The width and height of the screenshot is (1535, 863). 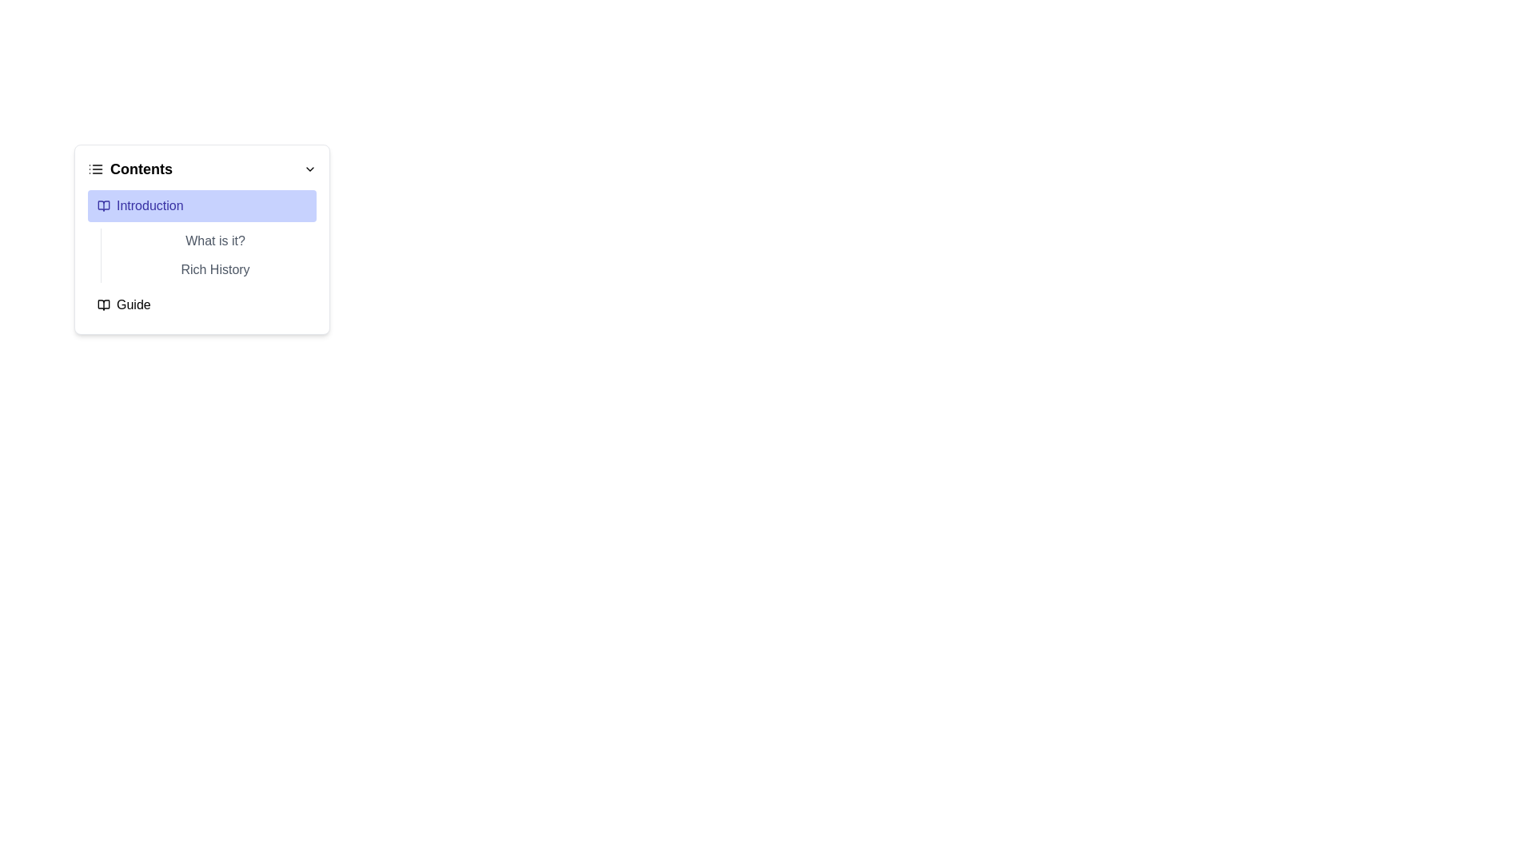 I want to click on textual content block located in the sidebar, positioned beneath the 'Introduction' header and above the 'Guide' entry, so click(x=201, y=237).